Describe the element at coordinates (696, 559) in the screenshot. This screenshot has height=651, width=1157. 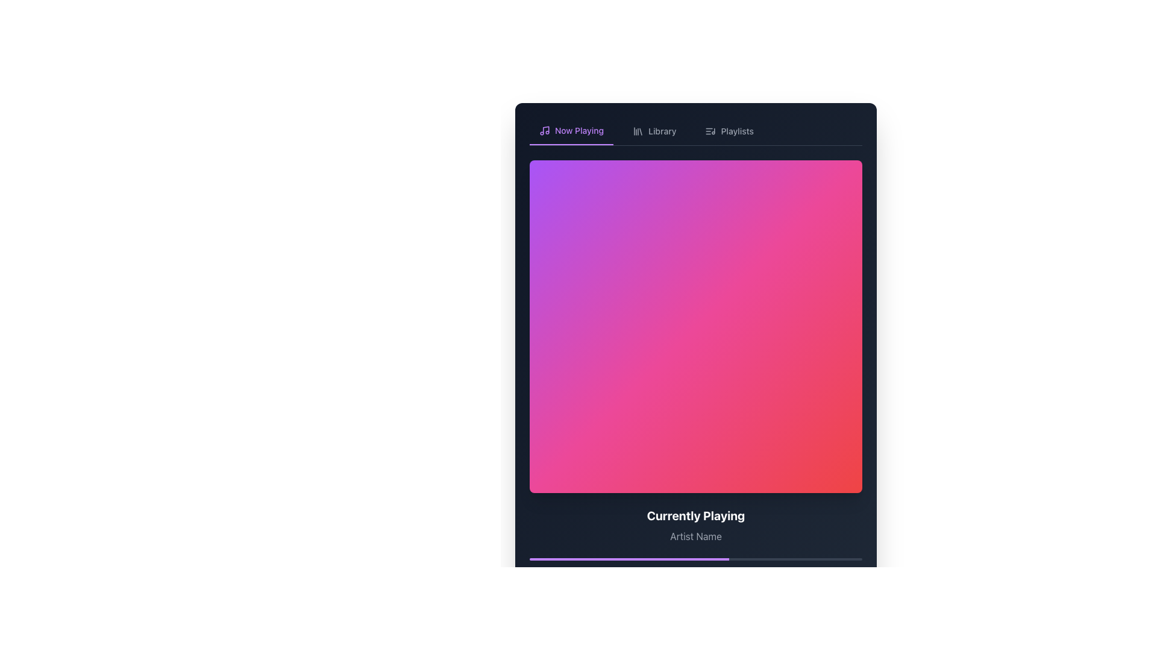
I see `the progress visually on the thin, horizontal progress bar for media playback located below the 'Currently Playing' and 'Artist Name' text in the audio player interface` at that location.